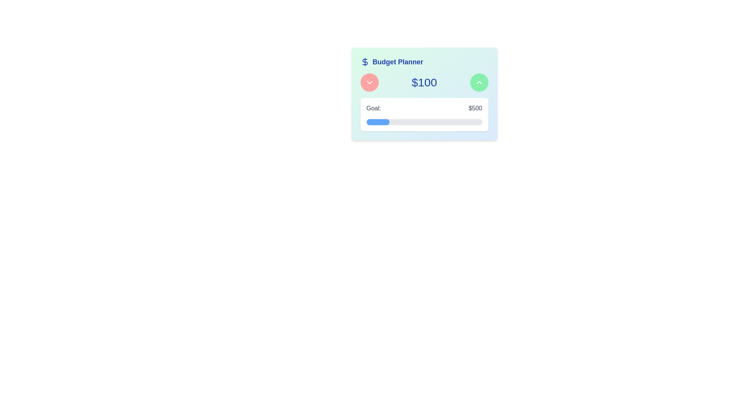  Describe the element at coordinates (364, 61) in the screenshot. I see `the bold blue dollar sign icon located to the left of the text 'Budget Planner' in the header section of the budget planning card` at that location.